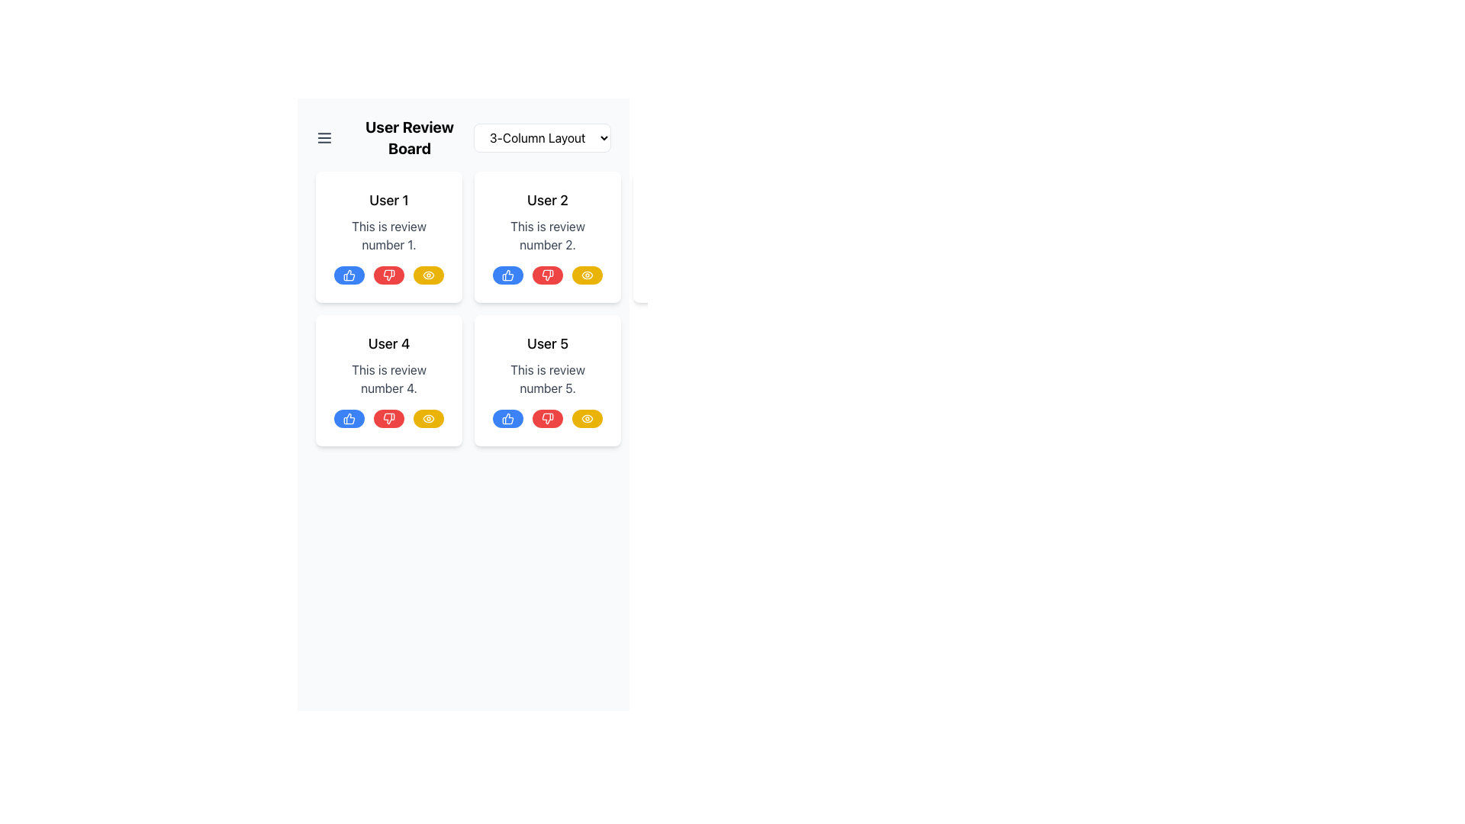  I want to click on the leftmost 'like' icon button in the card titled 'User 5', so click(507, 418).